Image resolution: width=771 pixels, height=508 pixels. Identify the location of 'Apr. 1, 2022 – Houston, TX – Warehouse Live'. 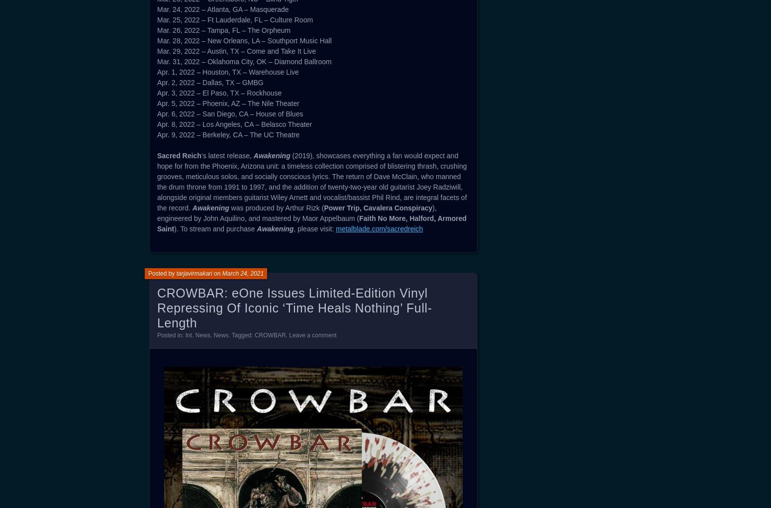
(157, 72).